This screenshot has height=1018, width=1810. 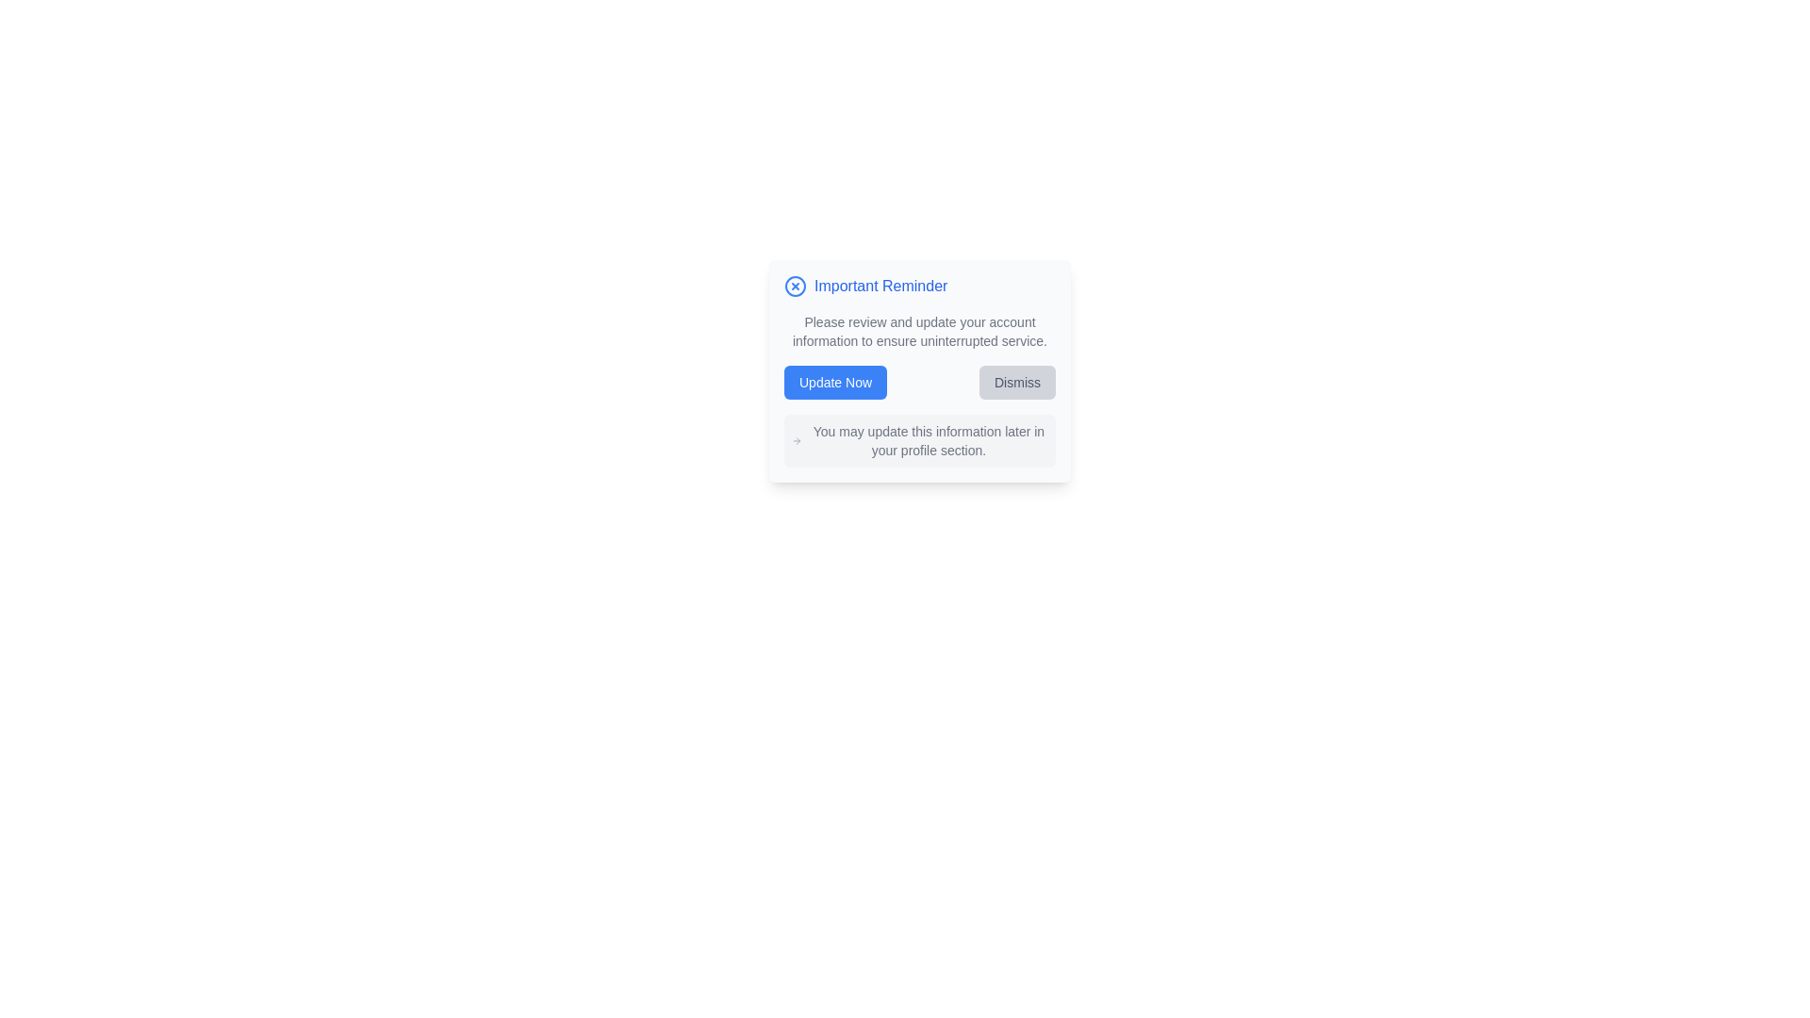 What do you see at coordinates (796, 287) in the screenshot?
I see `the circular outline element with no filling, styled with a stroke, located at the center of a notification or modal dialog box near the top-left corner` at bounding box center [796, 287].